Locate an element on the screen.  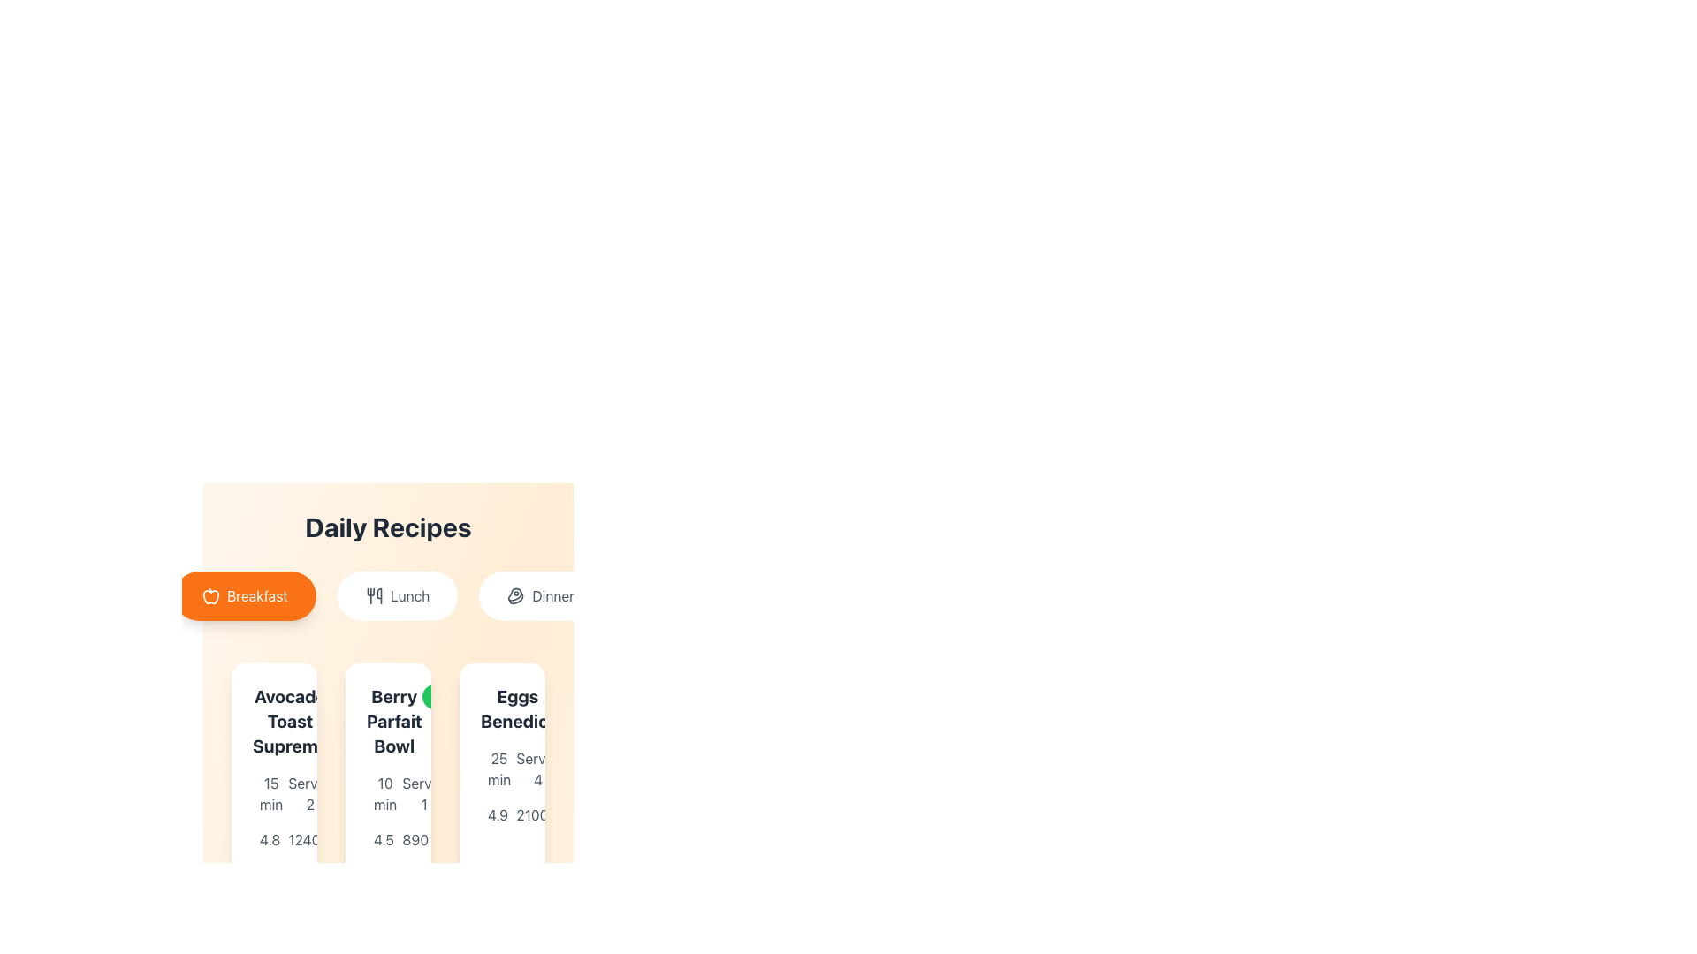
rating value displayed as '4.8' in bold font, located beneath the 'Avocado Toast Supreme' recipe card and next to an orange star icon is located at coordinates (269, 839).